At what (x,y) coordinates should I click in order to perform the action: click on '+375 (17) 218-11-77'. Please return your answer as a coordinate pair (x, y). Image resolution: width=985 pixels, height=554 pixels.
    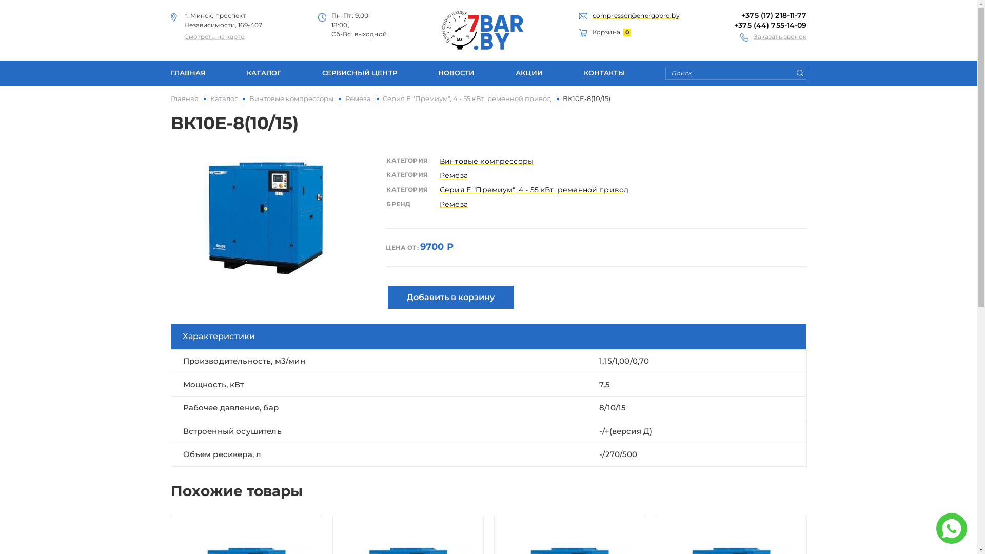
    Looking at the image, I should click on (774, 15).